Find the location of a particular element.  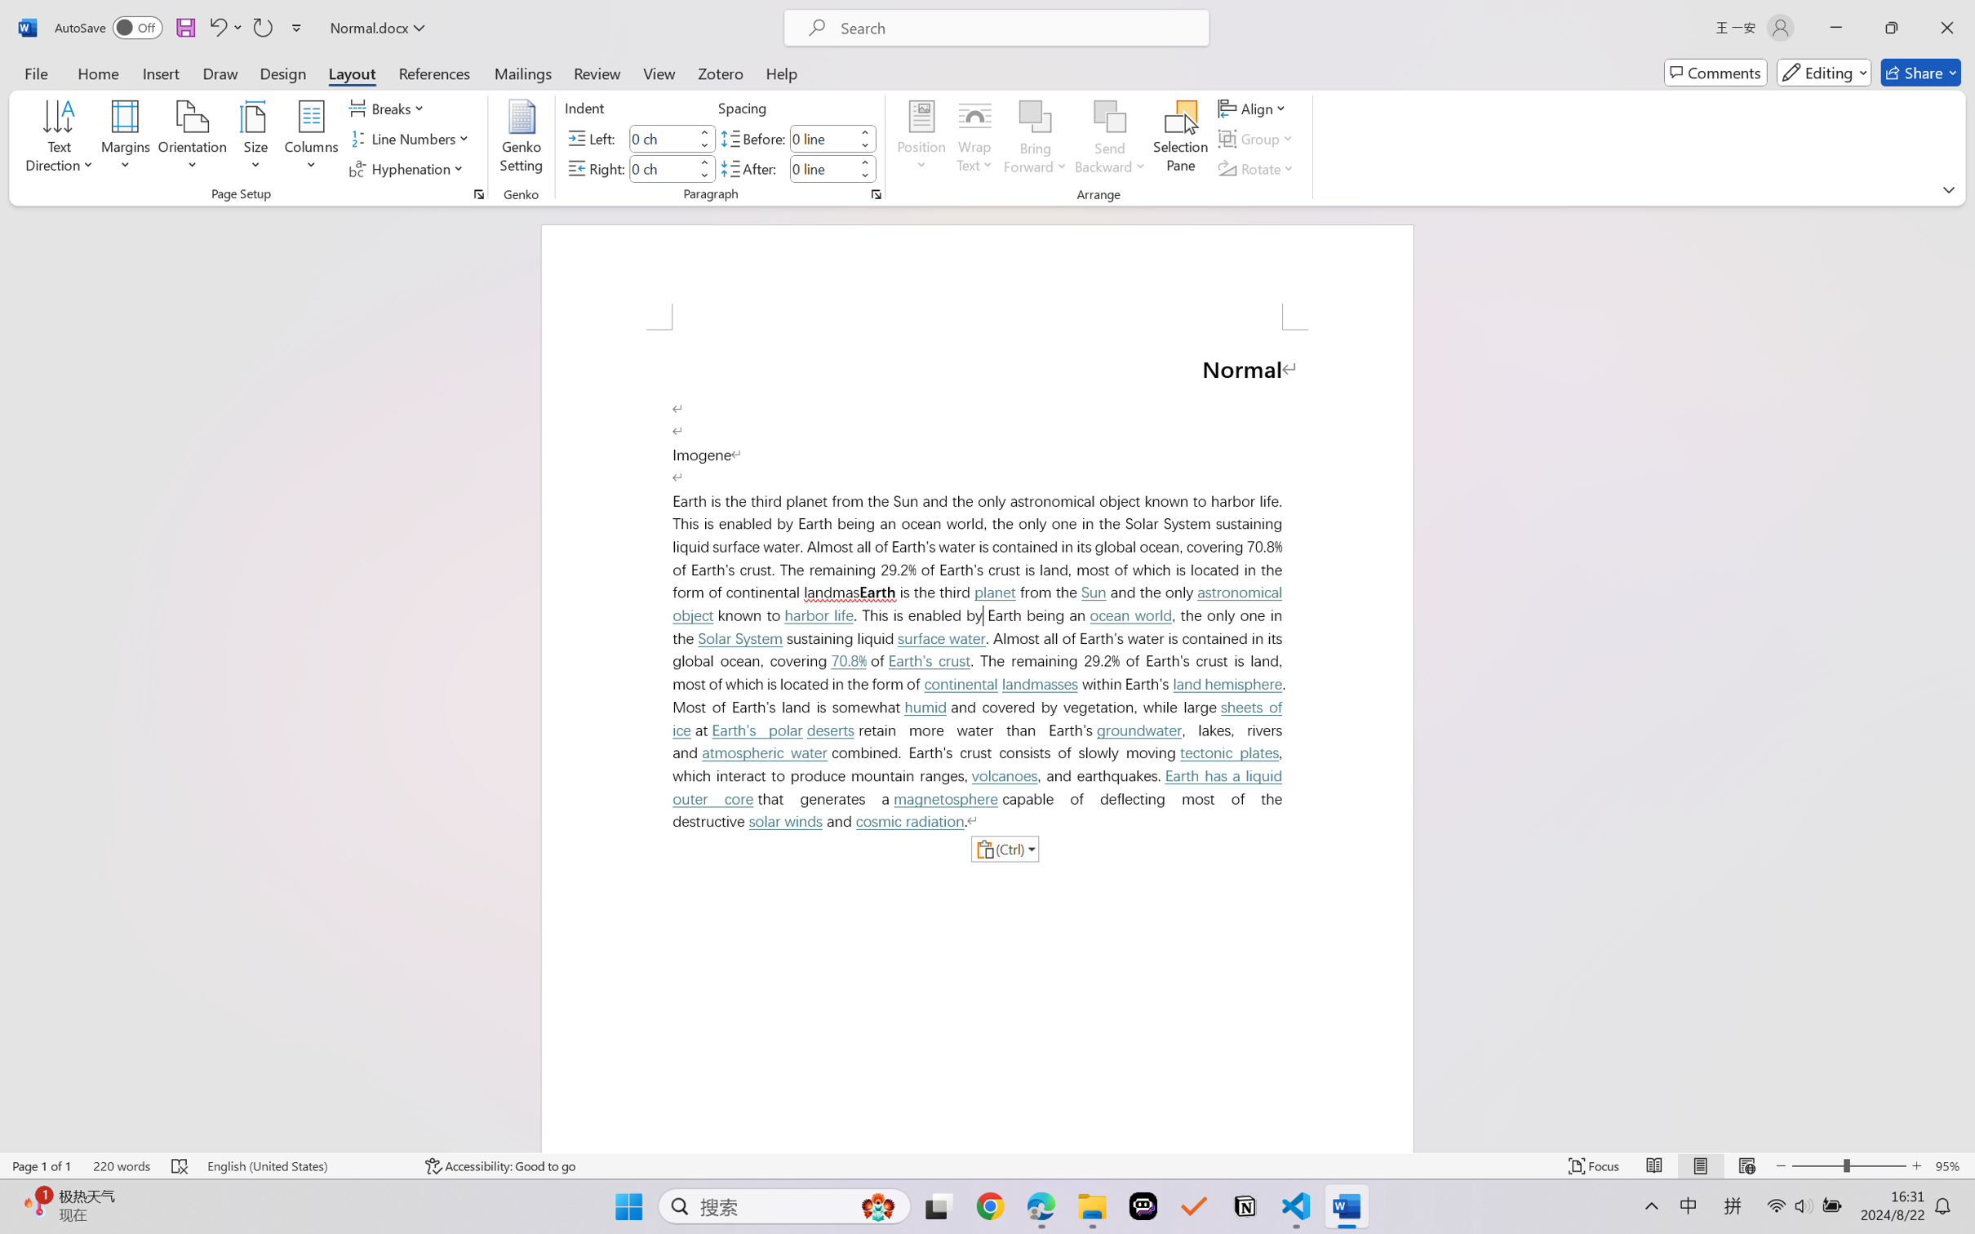

'tectonic plates' is located at coordinates (1230, 752).